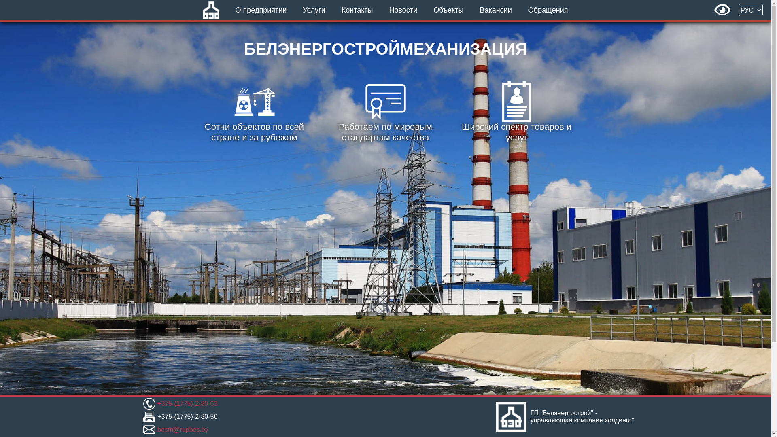 The image size is (777, 437). I want to click on '+375-(1775)-2-80-63', so click(187, 404).